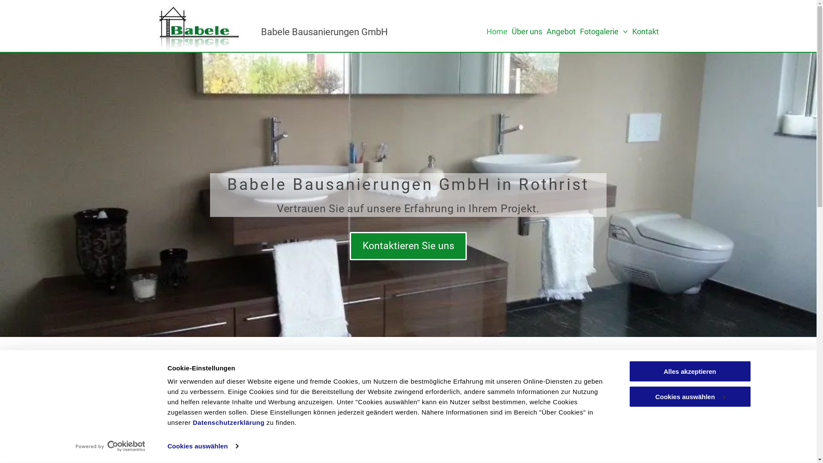 The image size is (823, 463). Describe the element at coordinates (561, 31) in the screenshot. I see `'Angebot'` at that location.